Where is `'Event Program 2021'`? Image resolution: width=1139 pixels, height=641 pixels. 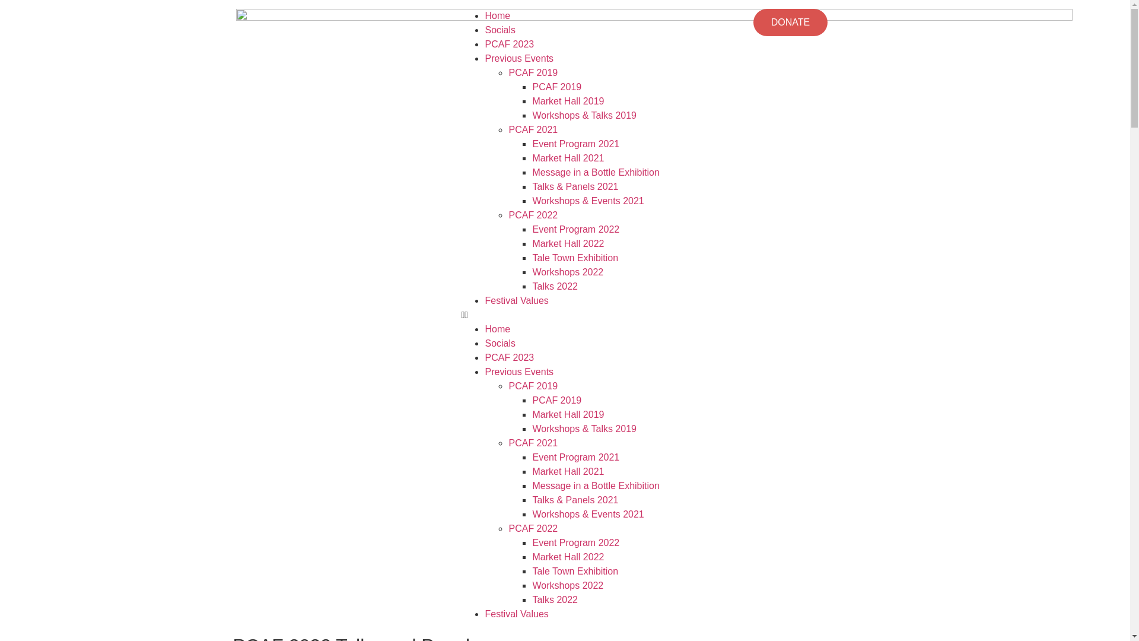
'Event Program 2021' is located at coordinates (575, 143).